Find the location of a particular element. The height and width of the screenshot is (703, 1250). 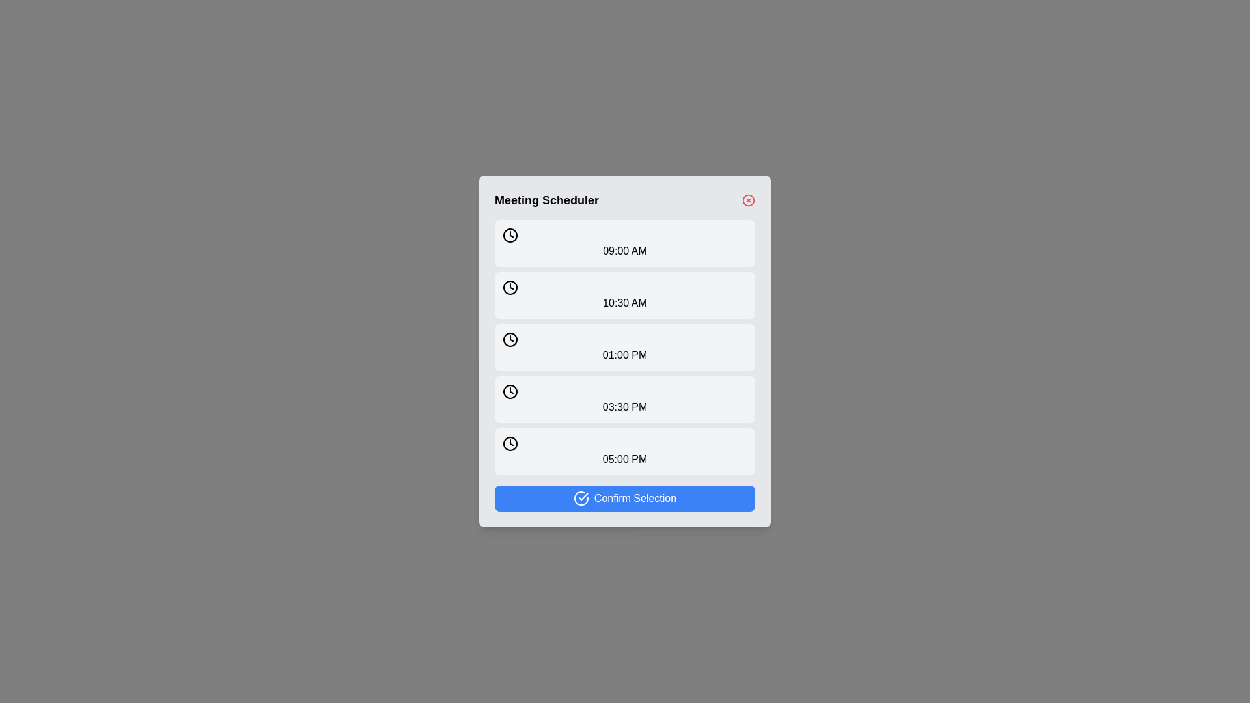

the close button to close the dialog is located at coordinates (749, 200).